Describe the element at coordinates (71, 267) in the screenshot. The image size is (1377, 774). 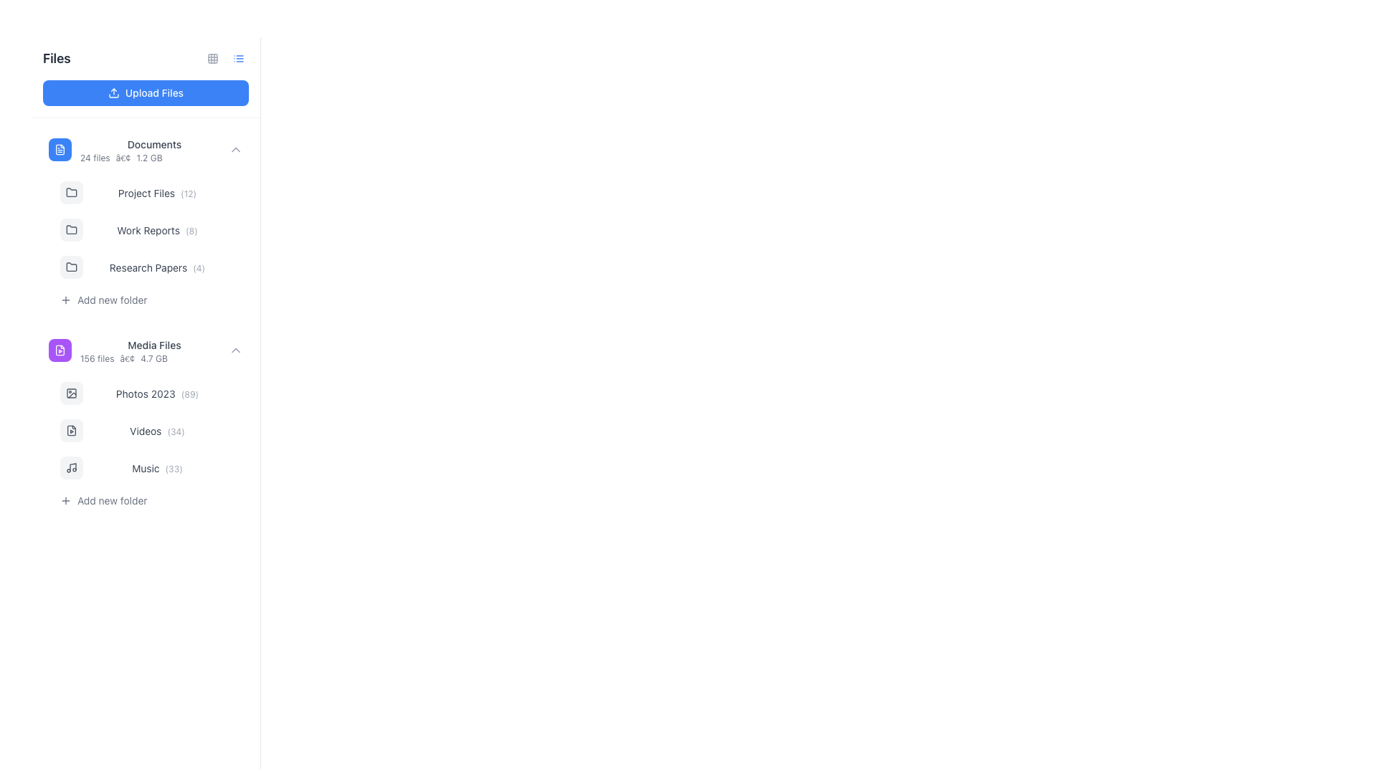
I see `the folder icon with a gray background located in the left-side panel within the 'Research Papers (4)' row, positioned as the first element in this group` at that location.